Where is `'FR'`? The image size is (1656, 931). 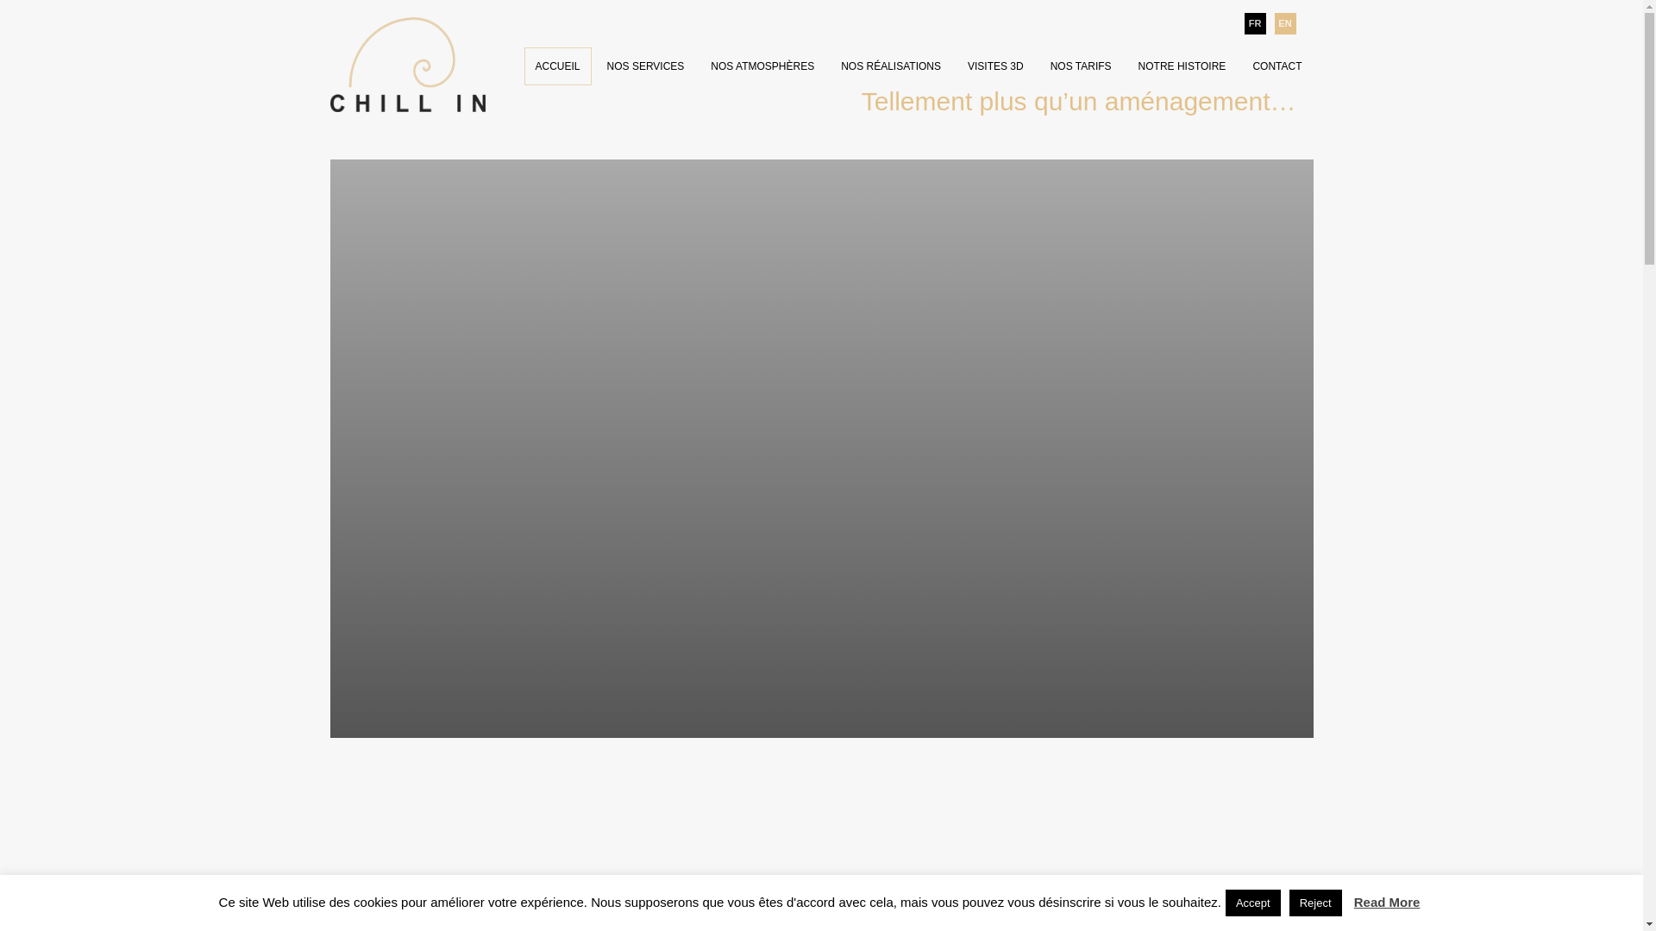
'FR' is located at coordinates (1254, 22).